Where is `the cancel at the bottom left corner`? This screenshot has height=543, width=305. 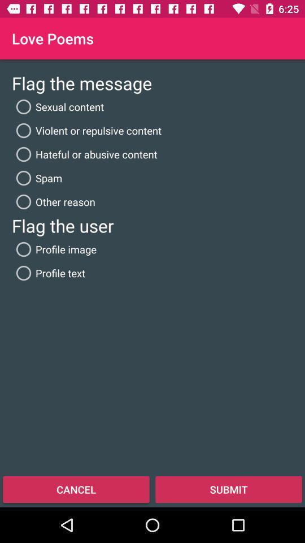 the cancel at the bottom left corner is located at coordinates (76, 489).